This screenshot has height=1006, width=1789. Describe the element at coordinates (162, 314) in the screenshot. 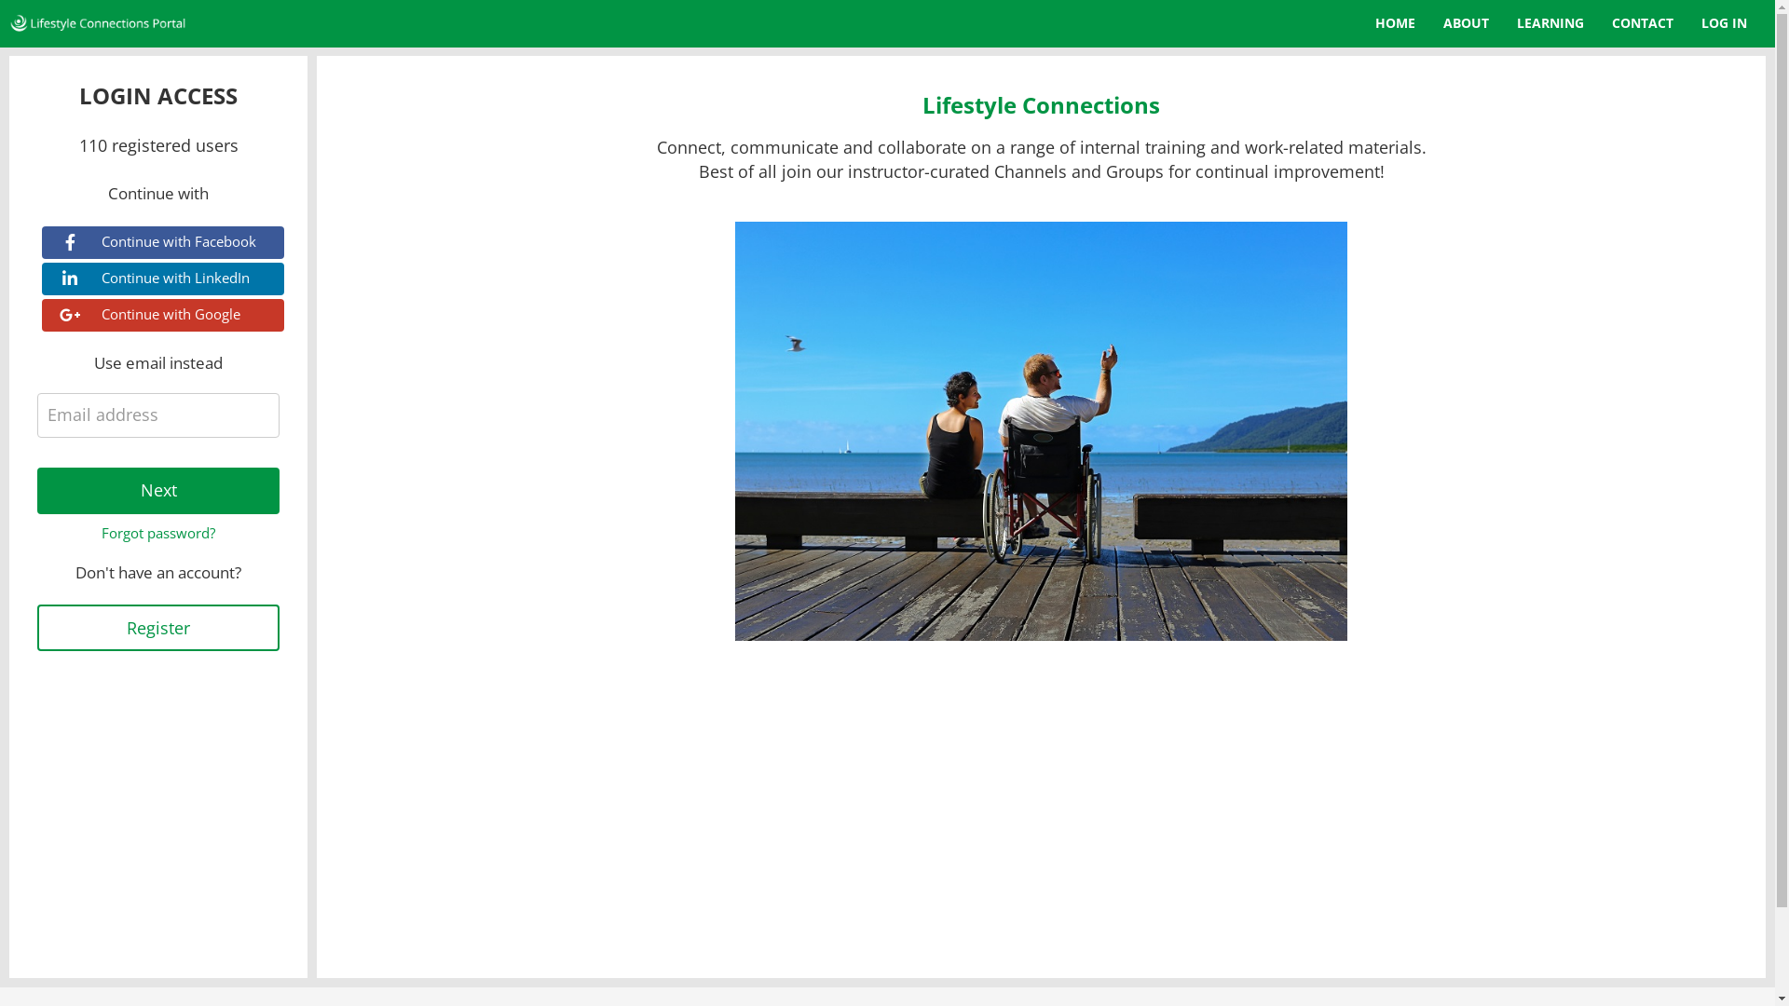

I see `'Continue with Google'` at that location.